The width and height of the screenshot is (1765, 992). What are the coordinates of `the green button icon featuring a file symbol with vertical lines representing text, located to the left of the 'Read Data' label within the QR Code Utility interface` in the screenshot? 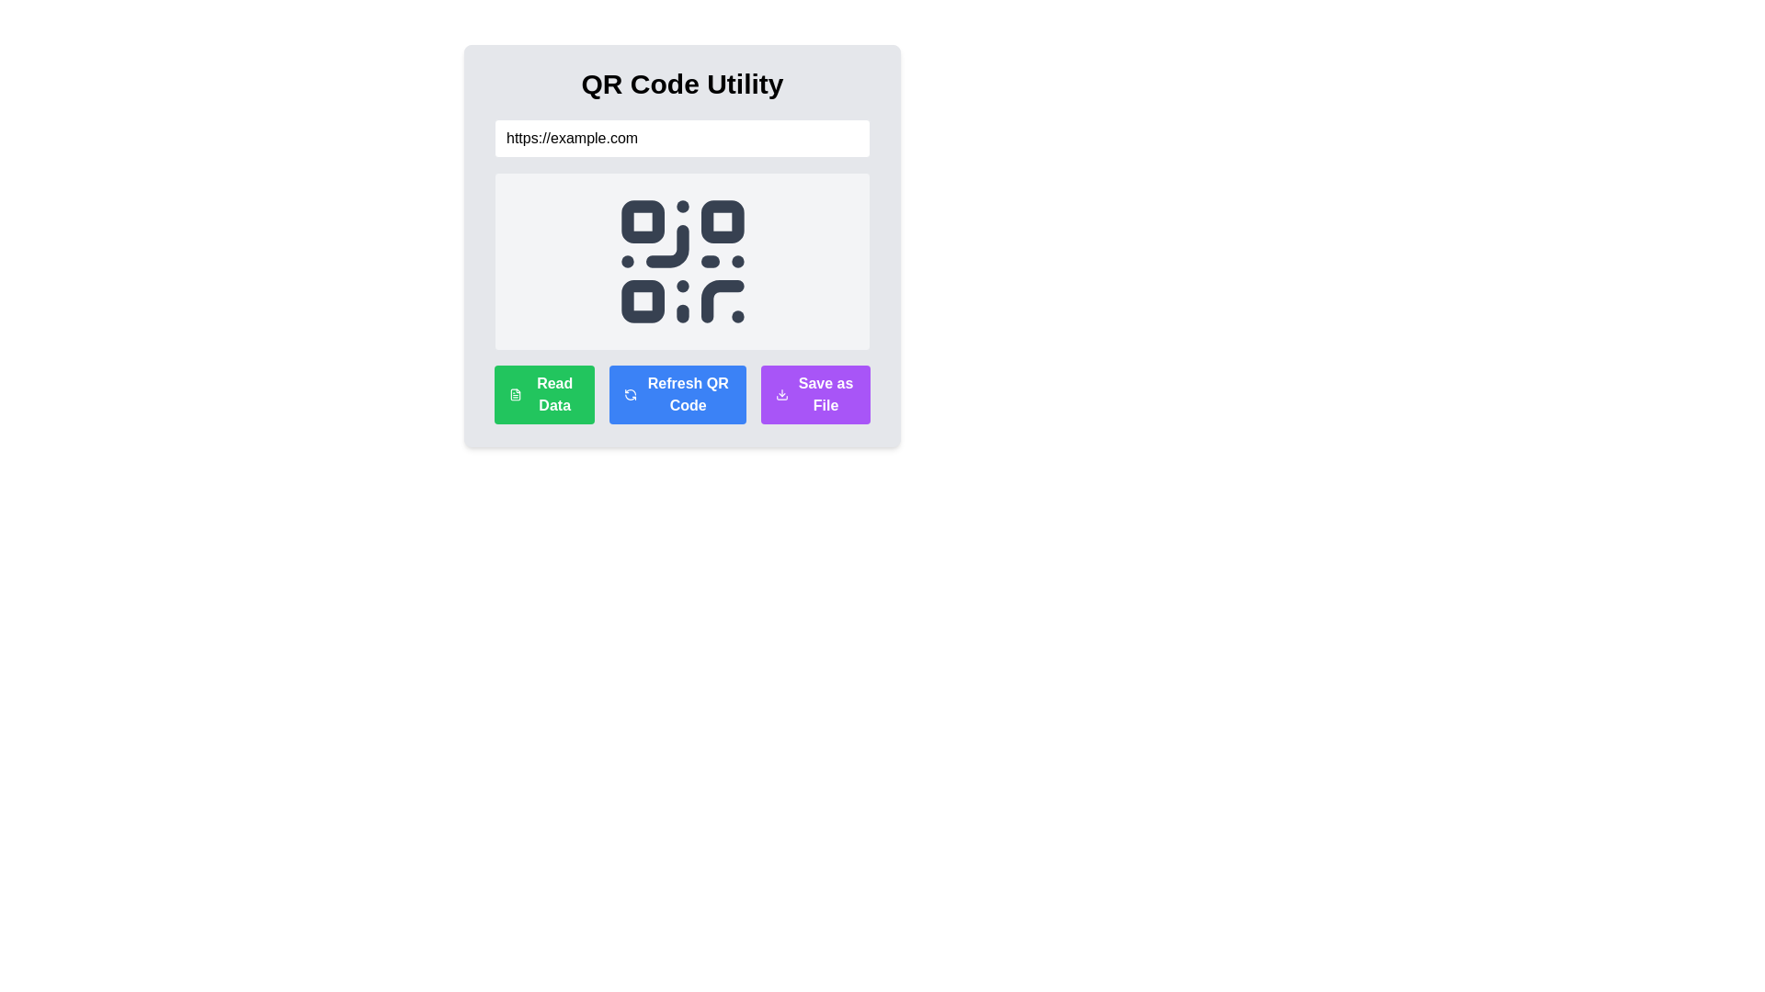 It's located at (515, 393).